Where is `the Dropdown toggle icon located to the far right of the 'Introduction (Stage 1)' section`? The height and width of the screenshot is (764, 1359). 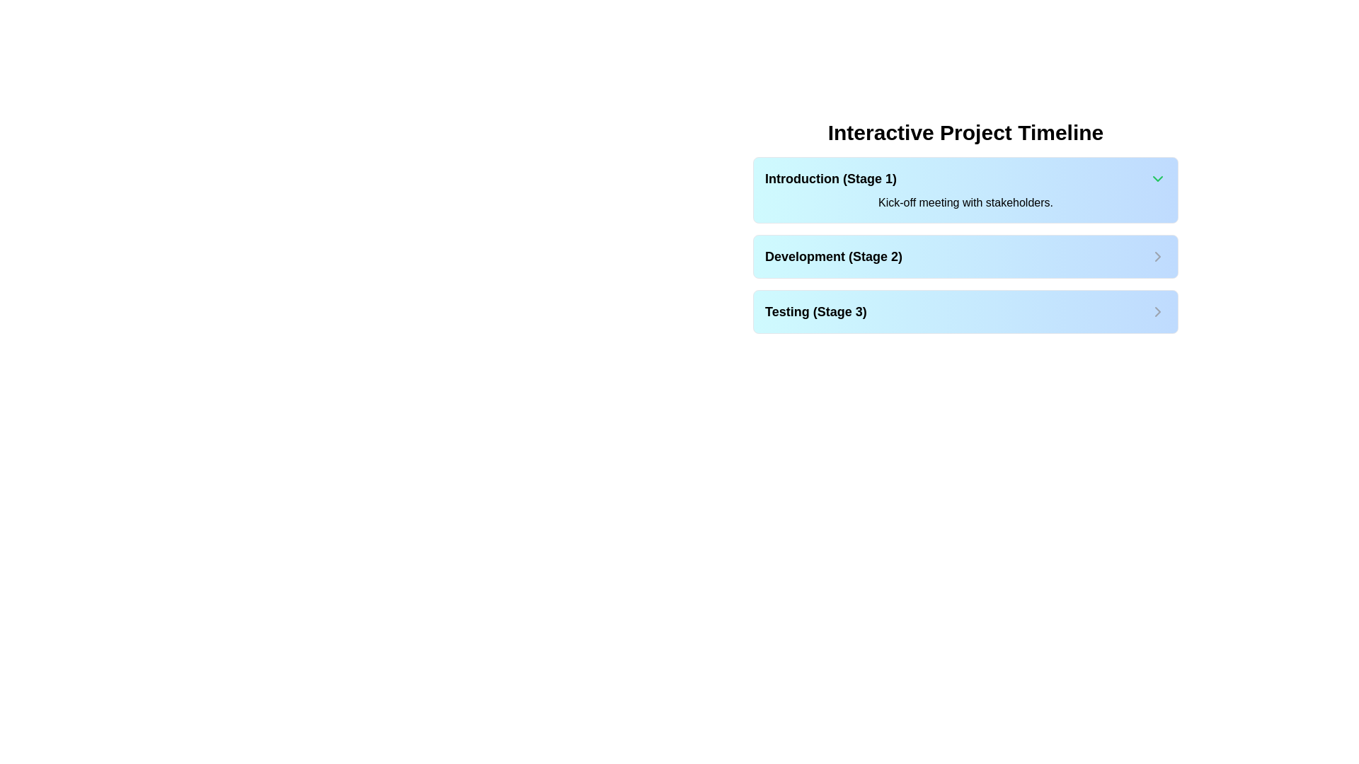 the Dropdown toggle icon located to the far right of the 'Introduction (Stage 1)' section is located at coordinates (1158, 178).